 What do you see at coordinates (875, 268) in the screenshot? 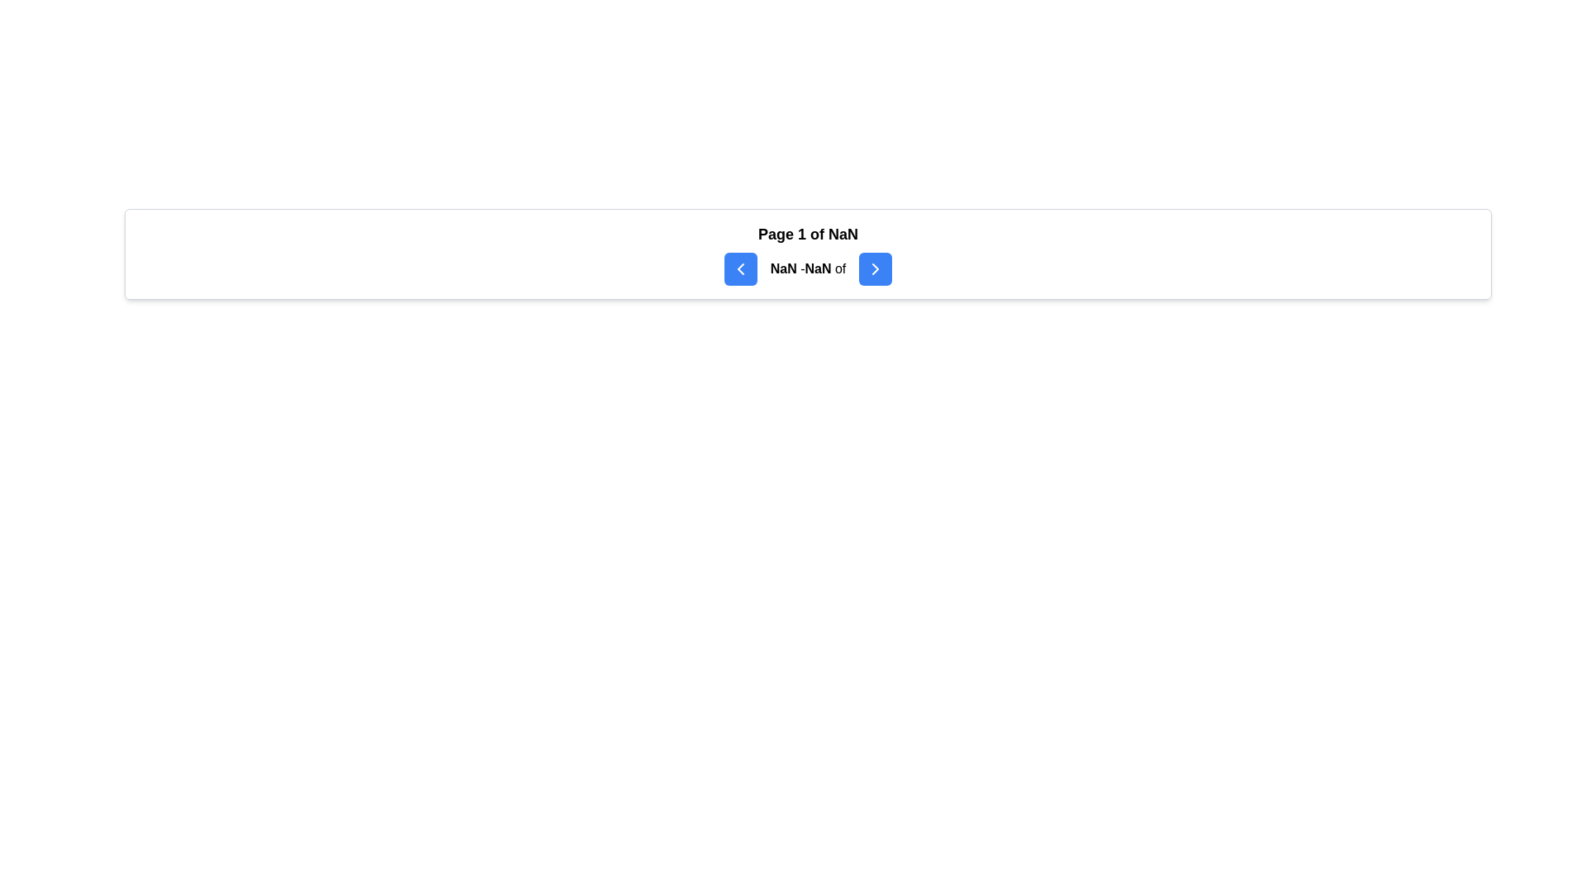
I see `the navigation icon located on the right side of the navigation control row` at bounding box center [875, 268].